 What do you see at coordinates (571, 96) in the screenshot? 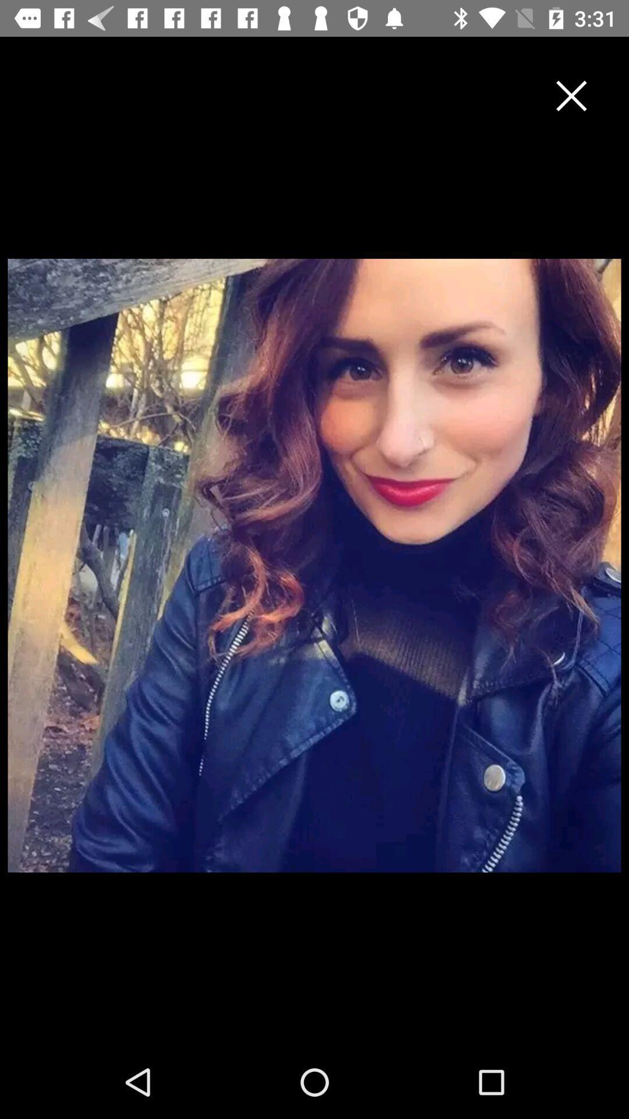
I see `the close icon` at bounding box center [571, 96].